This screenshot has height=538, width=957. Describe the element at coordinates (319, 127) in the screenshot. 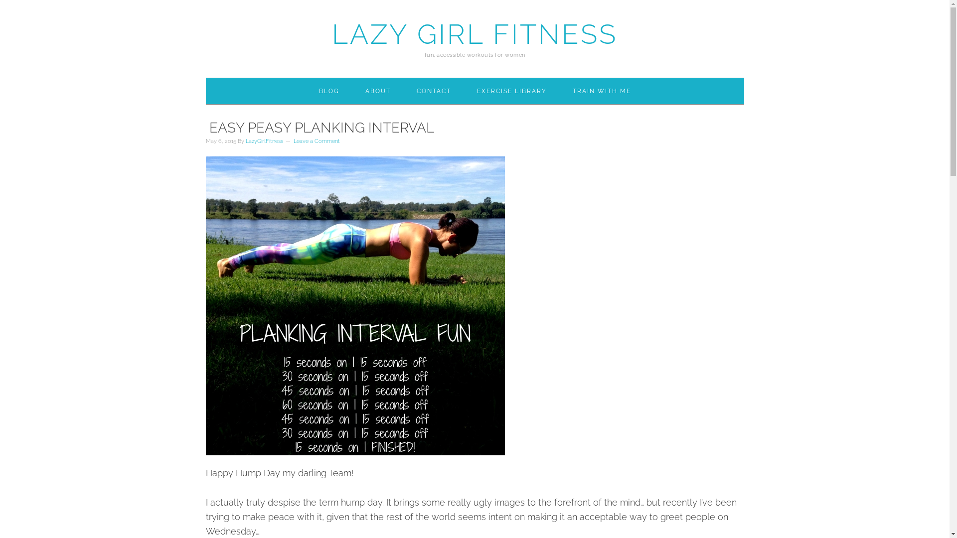

I see `' EASY PEASY PLANKING INTERVAL'` at that location.